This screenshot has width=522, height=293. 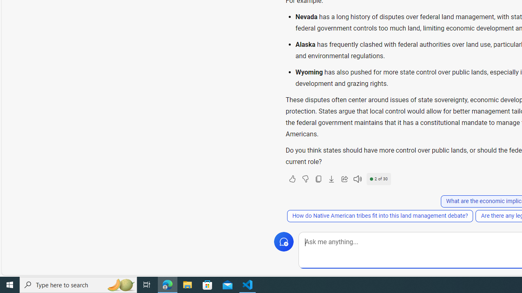 I want to click on 'Read aloud', so click(x=357, y=178).